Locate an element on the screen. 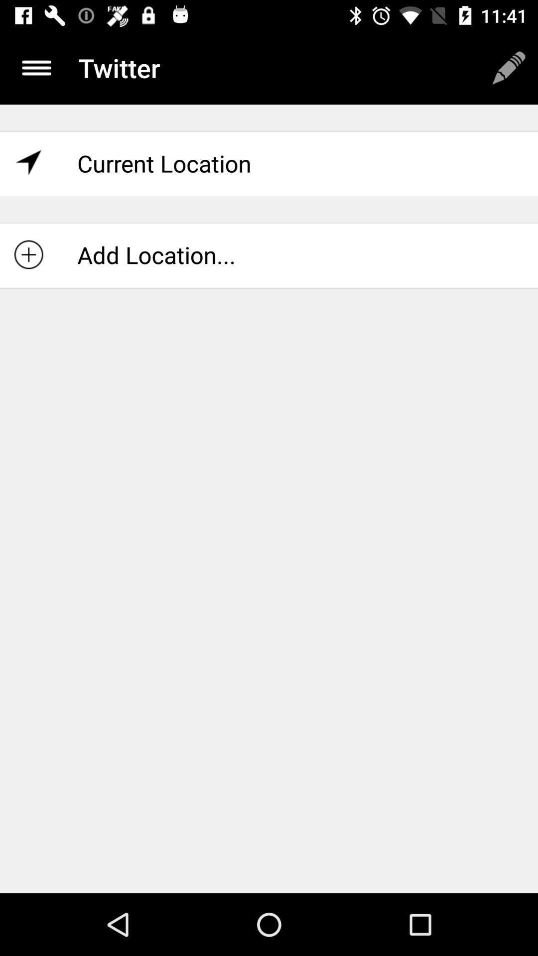  the current location item is located at coordinates (269, 163).